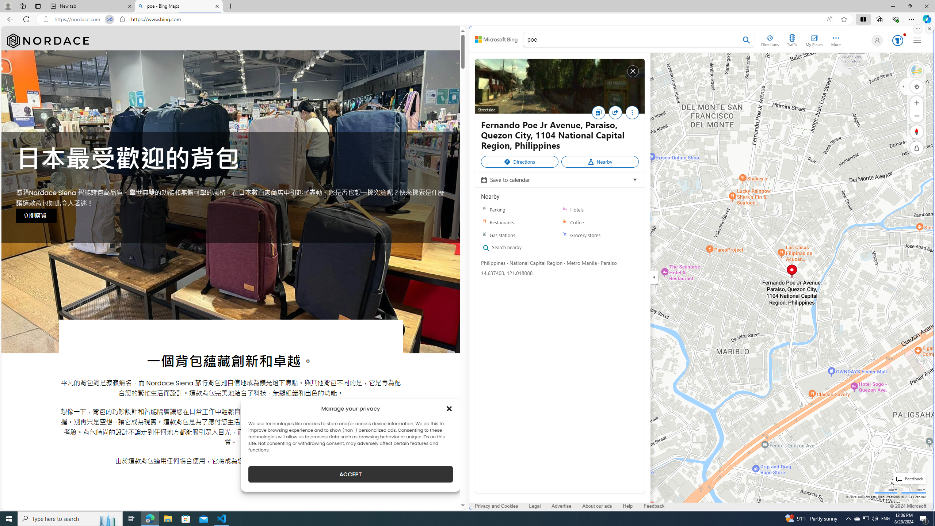 Image resolution: width=935 pixels, height=526 pixels. Describe the element at coordinates (534, 506) in the screenshot. I see `'Legal'` at that location.